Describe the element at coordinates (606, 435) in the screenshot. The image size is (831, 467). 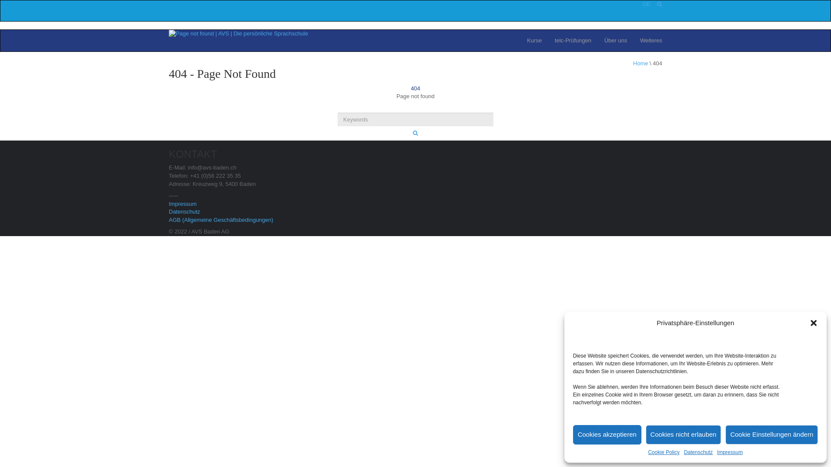
I see `'Cookies akzeptieren'` at that location.